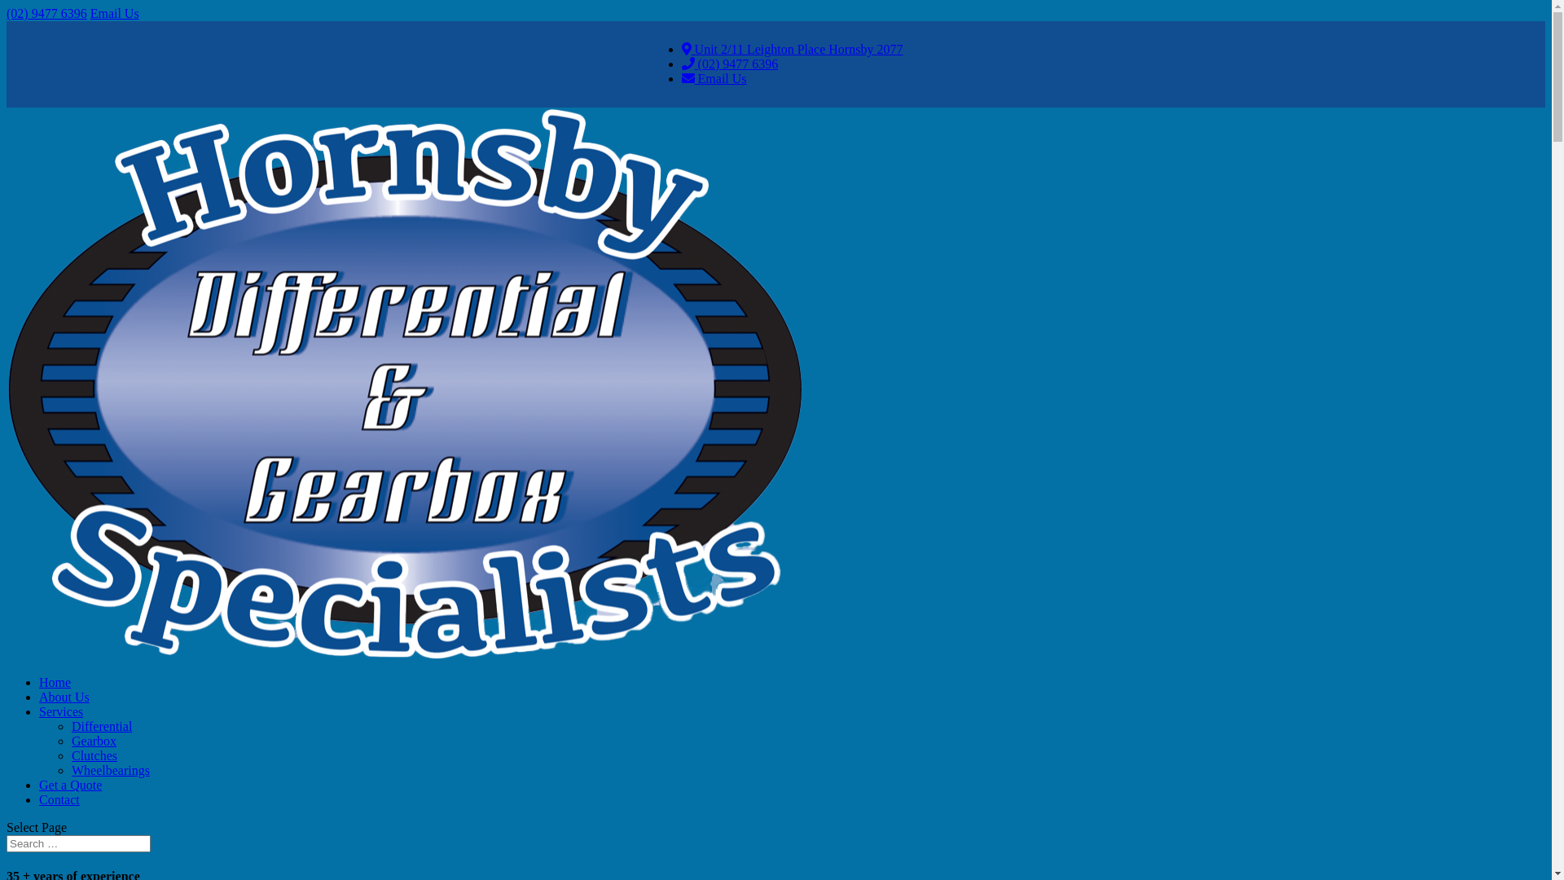  What do you see at coordinates (61, 711) in the screenshot?
I see `'Services'` at bounding box center [61, 711].